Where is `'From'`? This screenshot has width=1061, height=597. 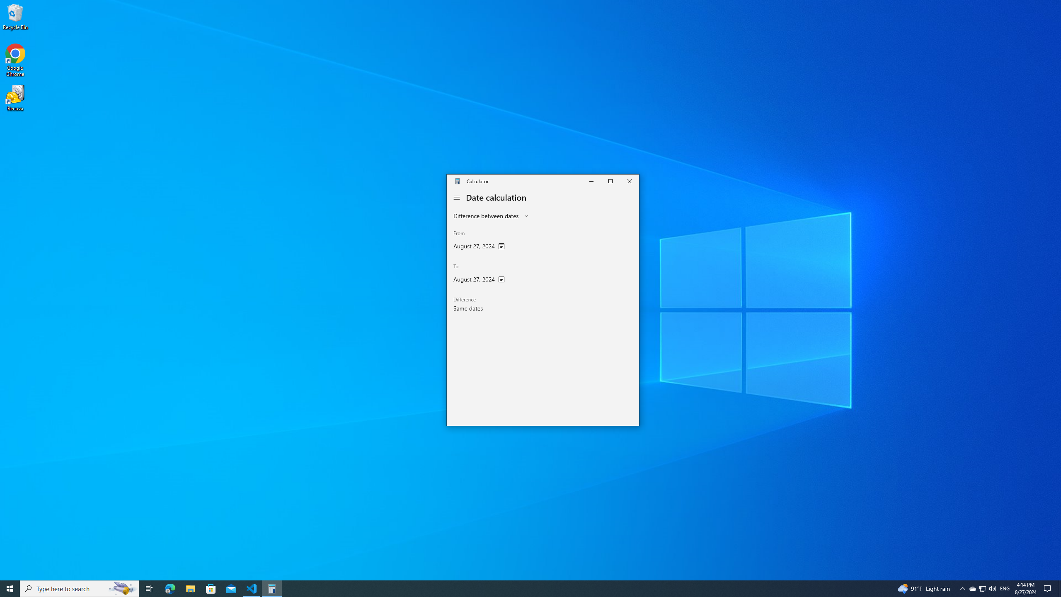
'From' is located at coordinates (478, 241).